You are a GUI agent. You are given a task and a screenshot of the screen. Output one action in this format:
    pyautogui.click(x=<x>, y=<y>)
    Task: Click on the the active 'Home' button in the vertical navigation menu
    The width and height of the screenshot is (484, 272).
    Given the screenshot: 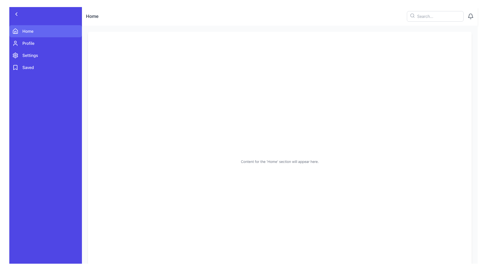 What is the action you would take?
    pyautogui.click(x=46, y=31)
    